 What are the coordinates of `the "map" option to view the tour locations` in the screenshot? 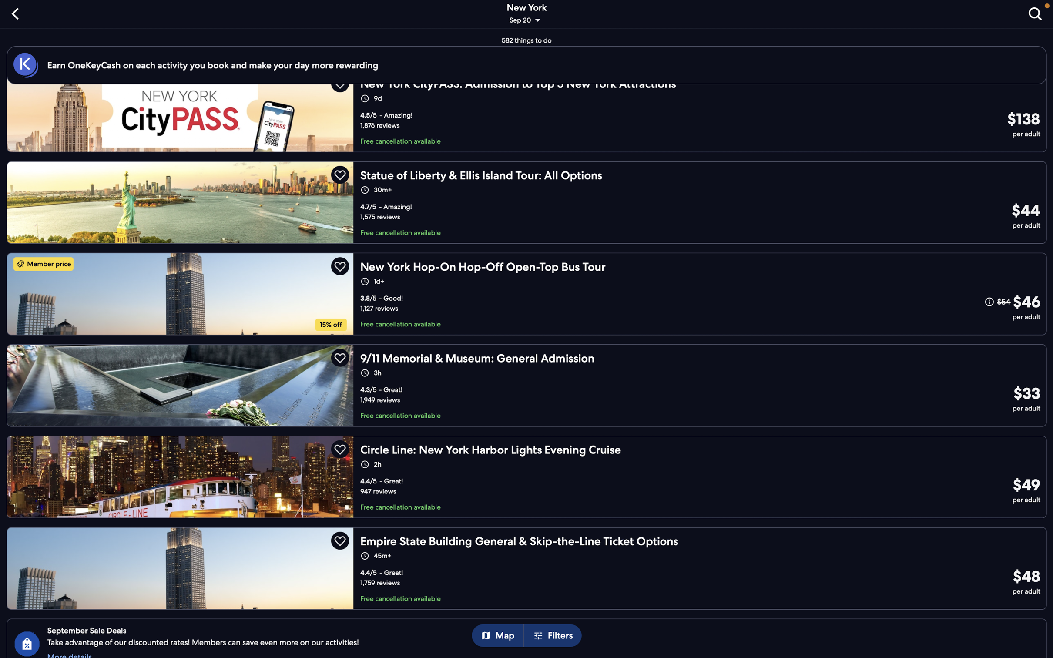 It's located at (501, 636).